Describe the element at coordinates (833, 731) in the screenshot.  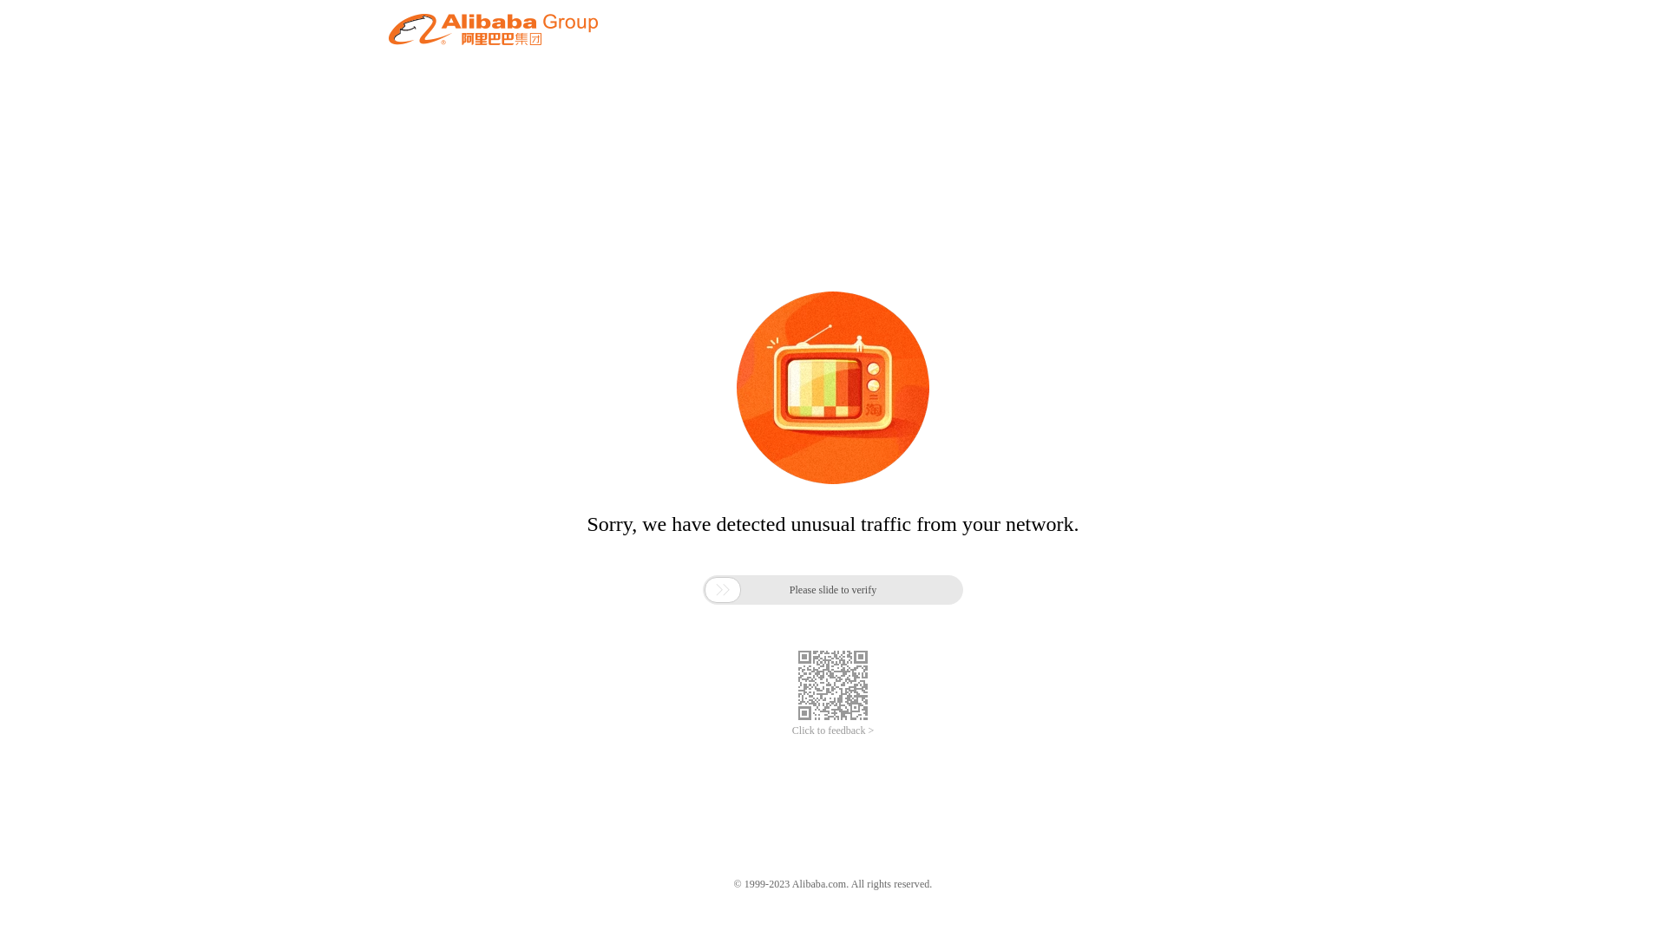
I see `'Click to feedback >'` at that location.